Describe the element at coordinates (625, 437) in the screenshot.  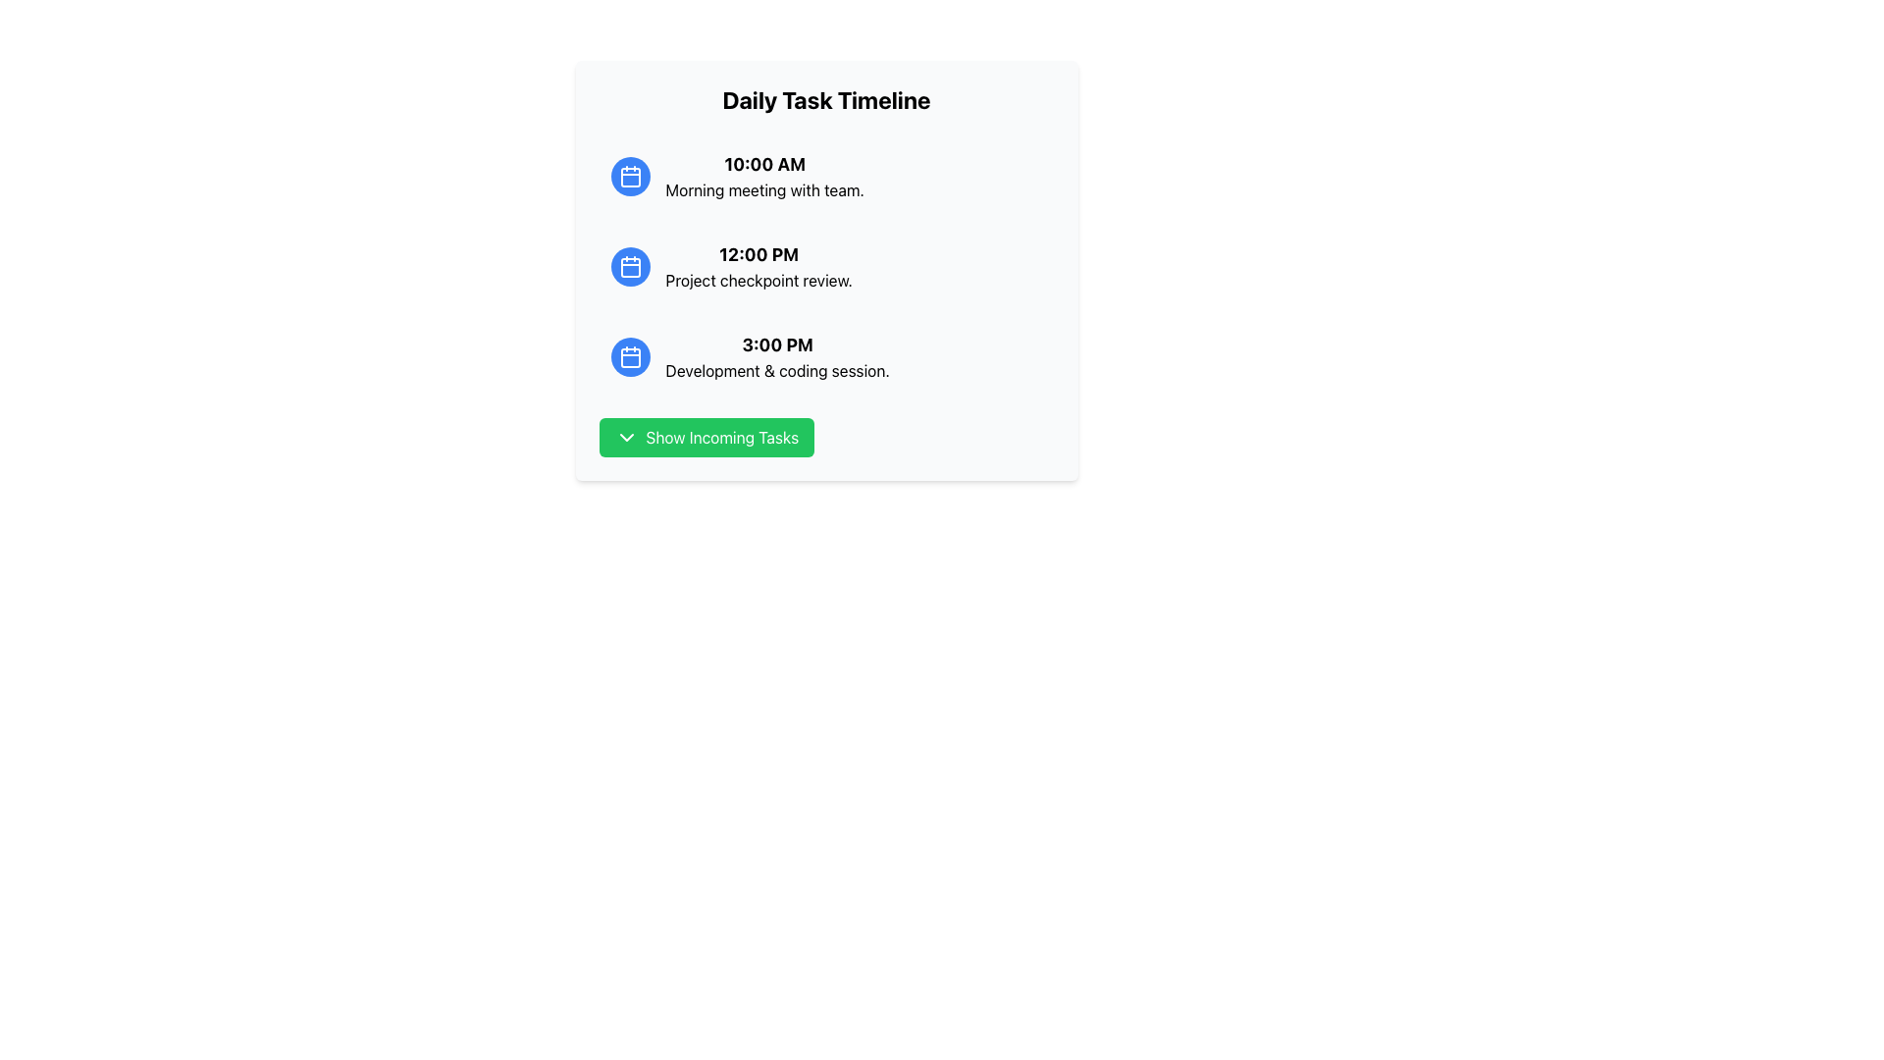
I see `the downward-pointing chevron icon located on the left side of the green button labeled 'Show Incoming Tasks'` at that location.